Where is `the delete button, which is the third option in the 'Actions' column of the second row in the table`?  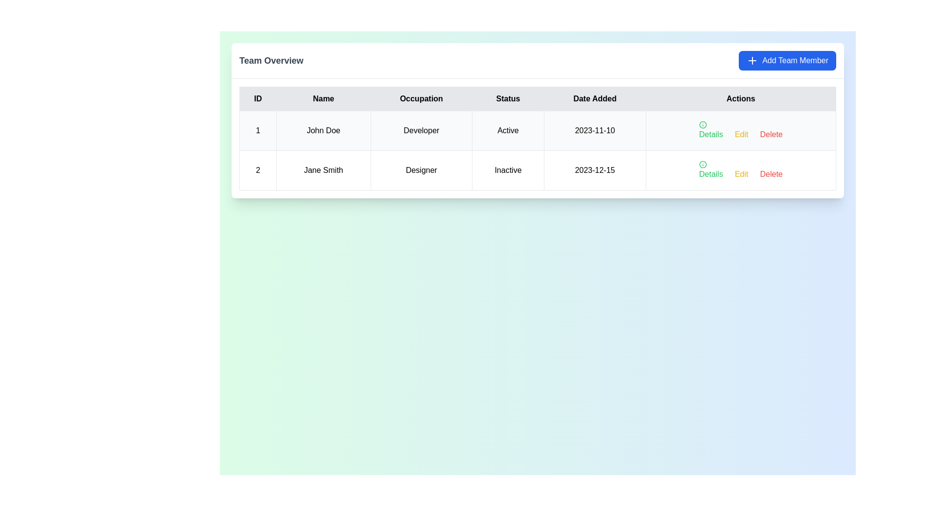
the delete button, which is the third option in the 'Actions' column of the second row in the table is located at coordinates (771, 173).